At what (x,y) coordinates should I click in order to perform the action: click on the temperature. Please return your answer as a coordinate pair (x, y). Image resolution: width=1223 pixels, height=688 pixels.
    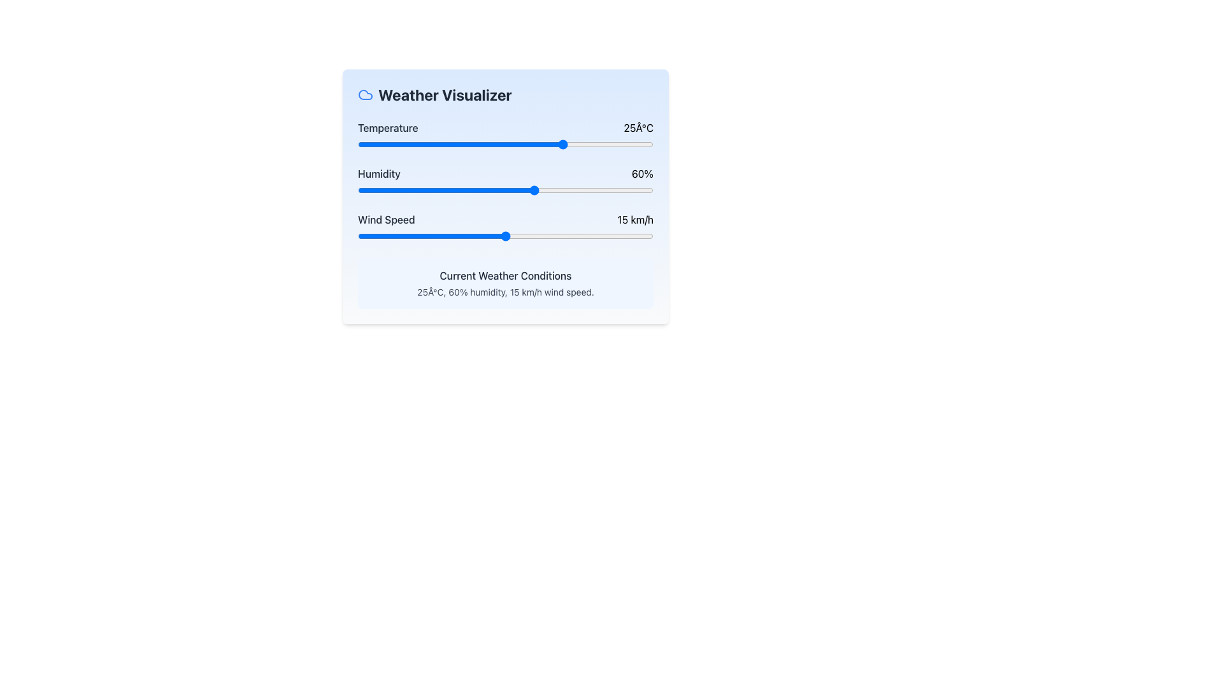
    Looking at the image, I should click on (369, 144).